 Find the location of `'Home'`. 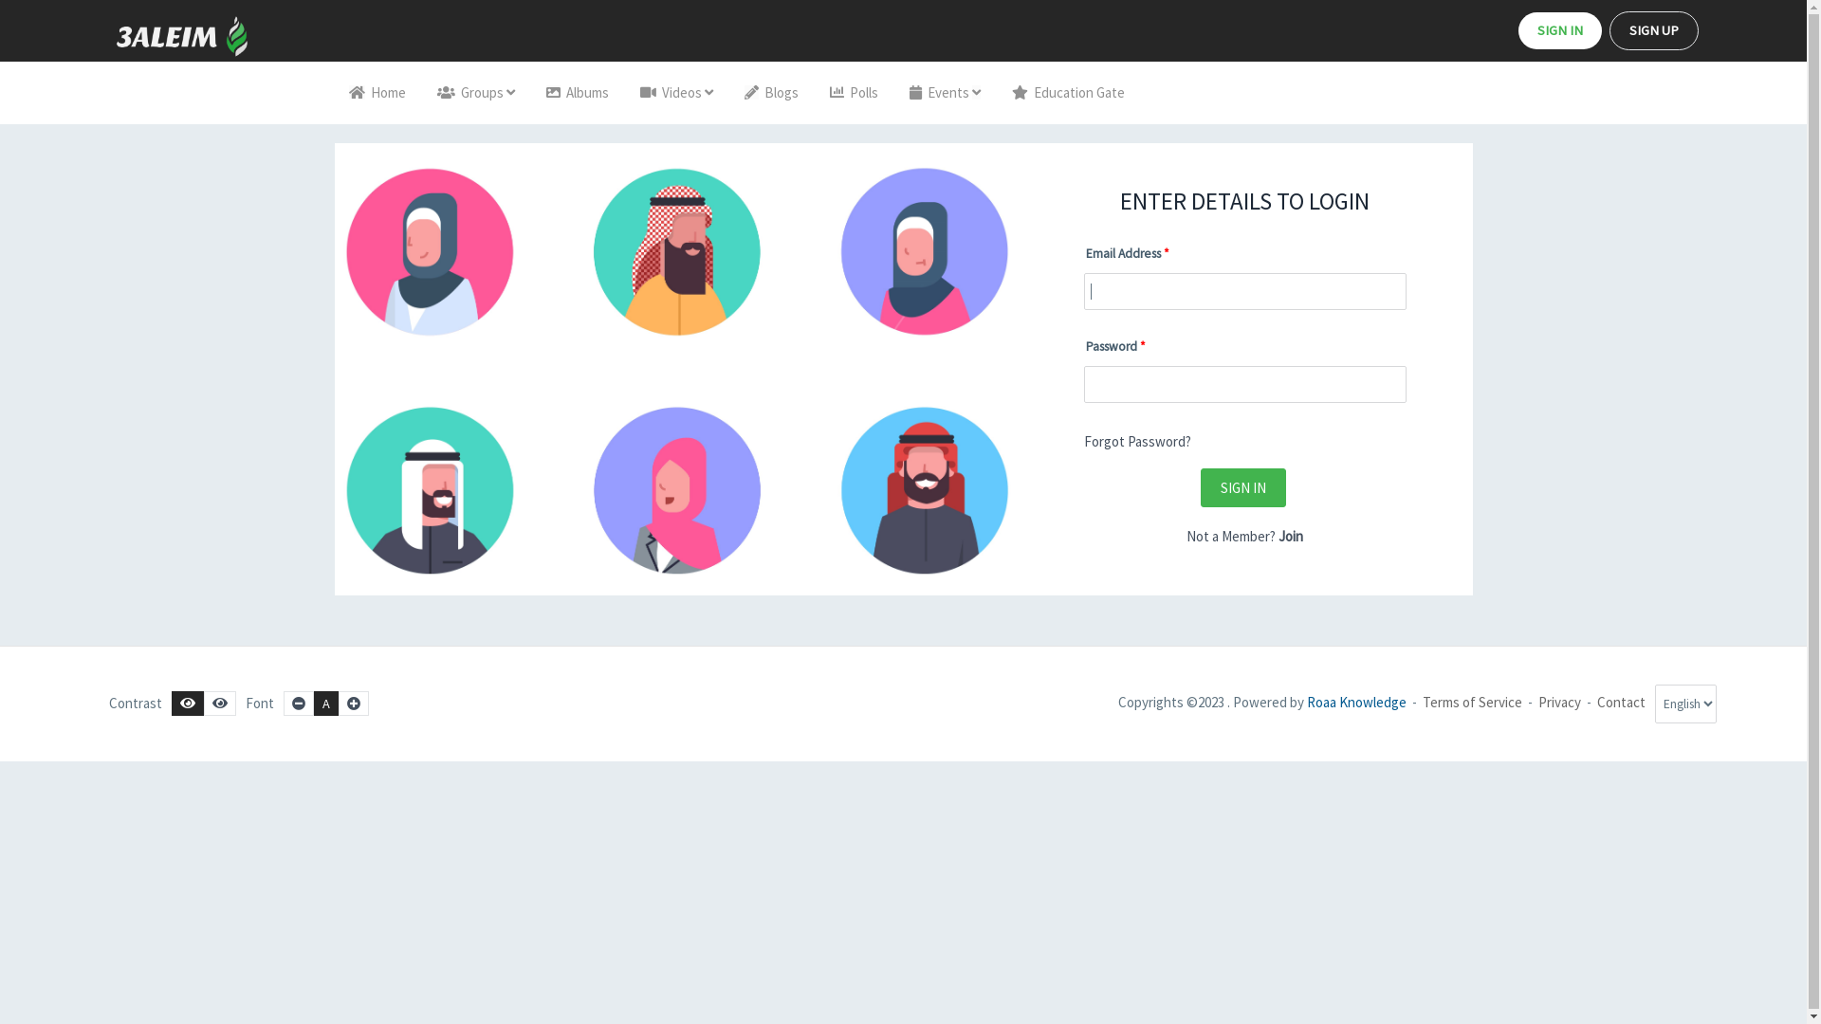

'Home' is located at coordinates (333, 92).